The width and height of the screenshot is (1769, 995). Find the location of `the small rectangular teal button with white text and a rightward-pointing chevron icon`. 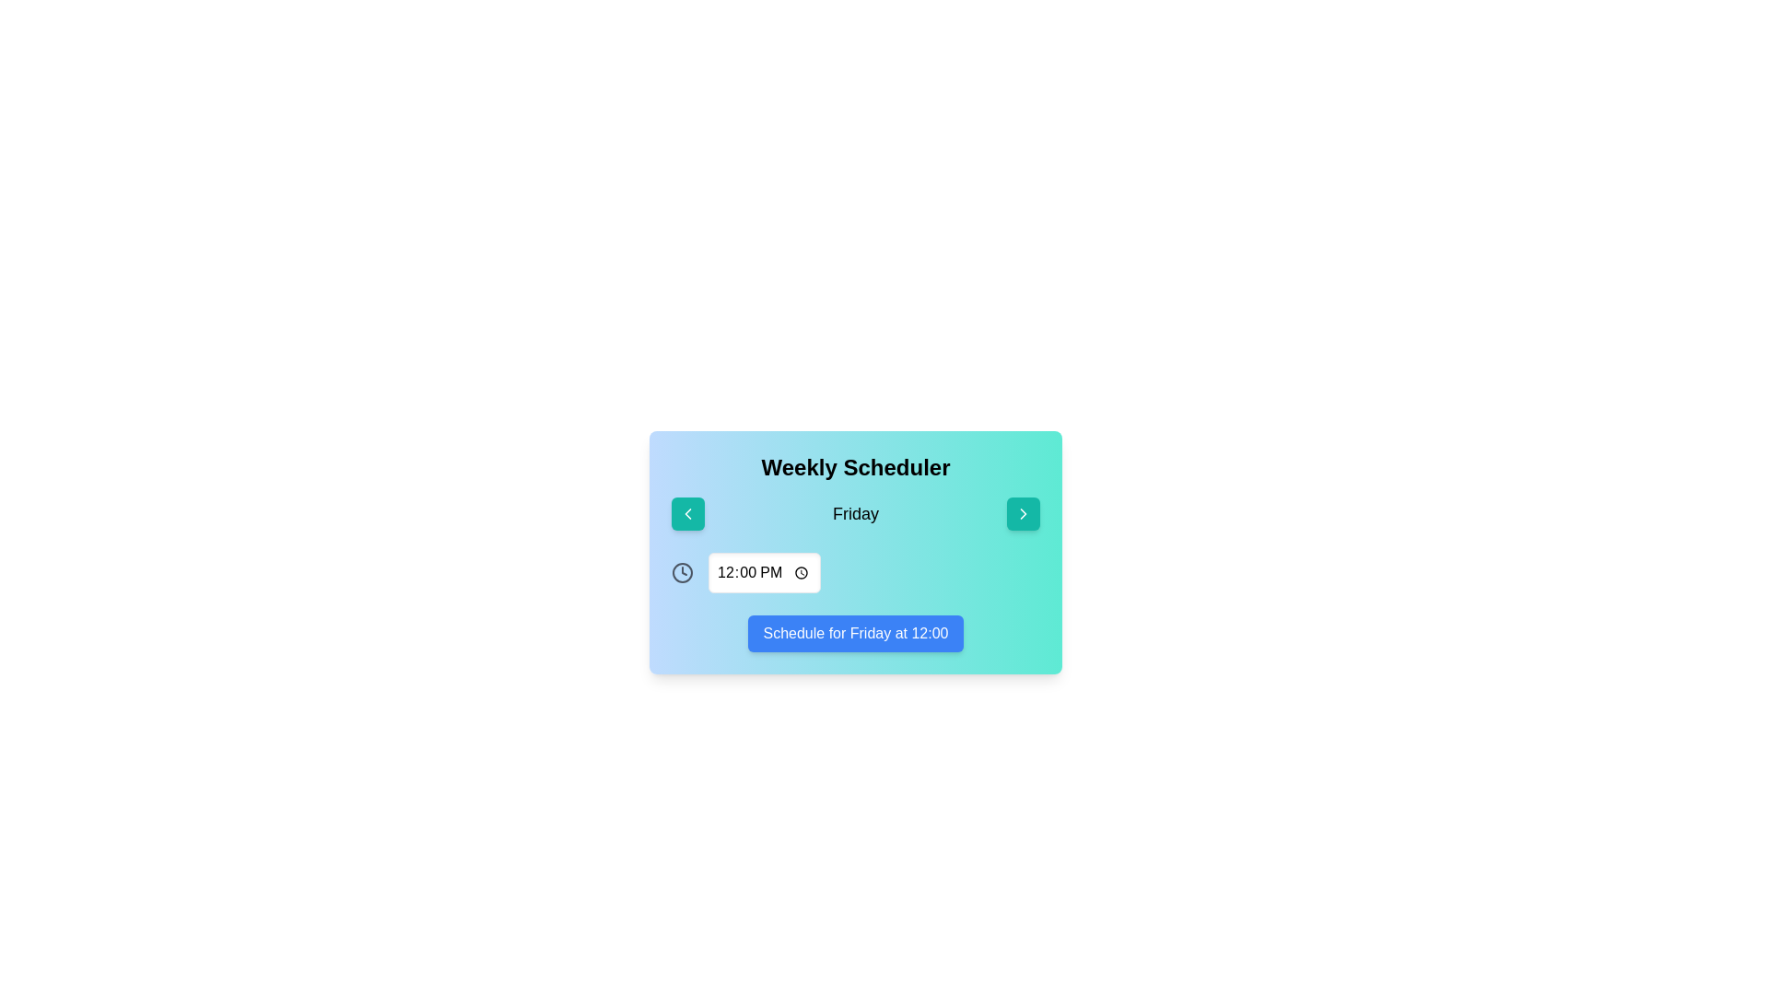

the small rectangular teal button with white text and a rightward-pointing chevron icon is located at coordinates (1022, 514).